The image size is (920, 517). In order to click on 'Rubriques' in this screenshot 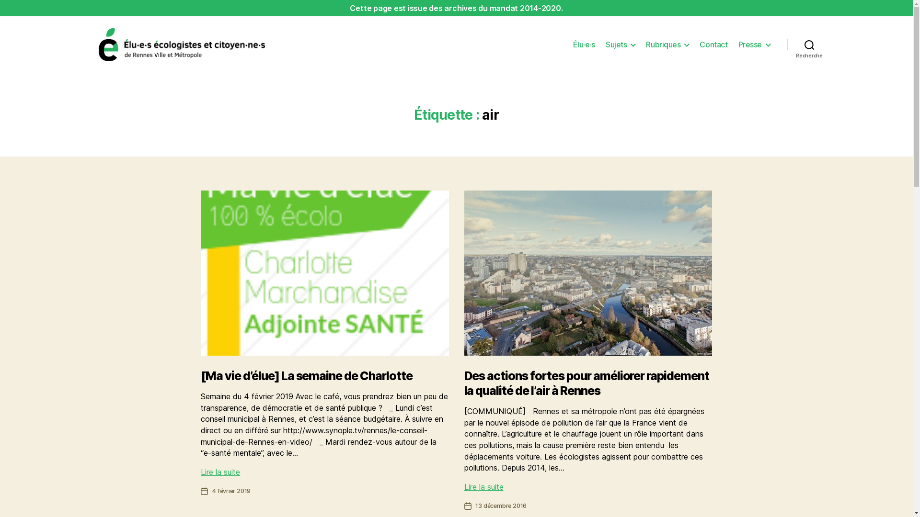, I will do `click(646, 45)`.